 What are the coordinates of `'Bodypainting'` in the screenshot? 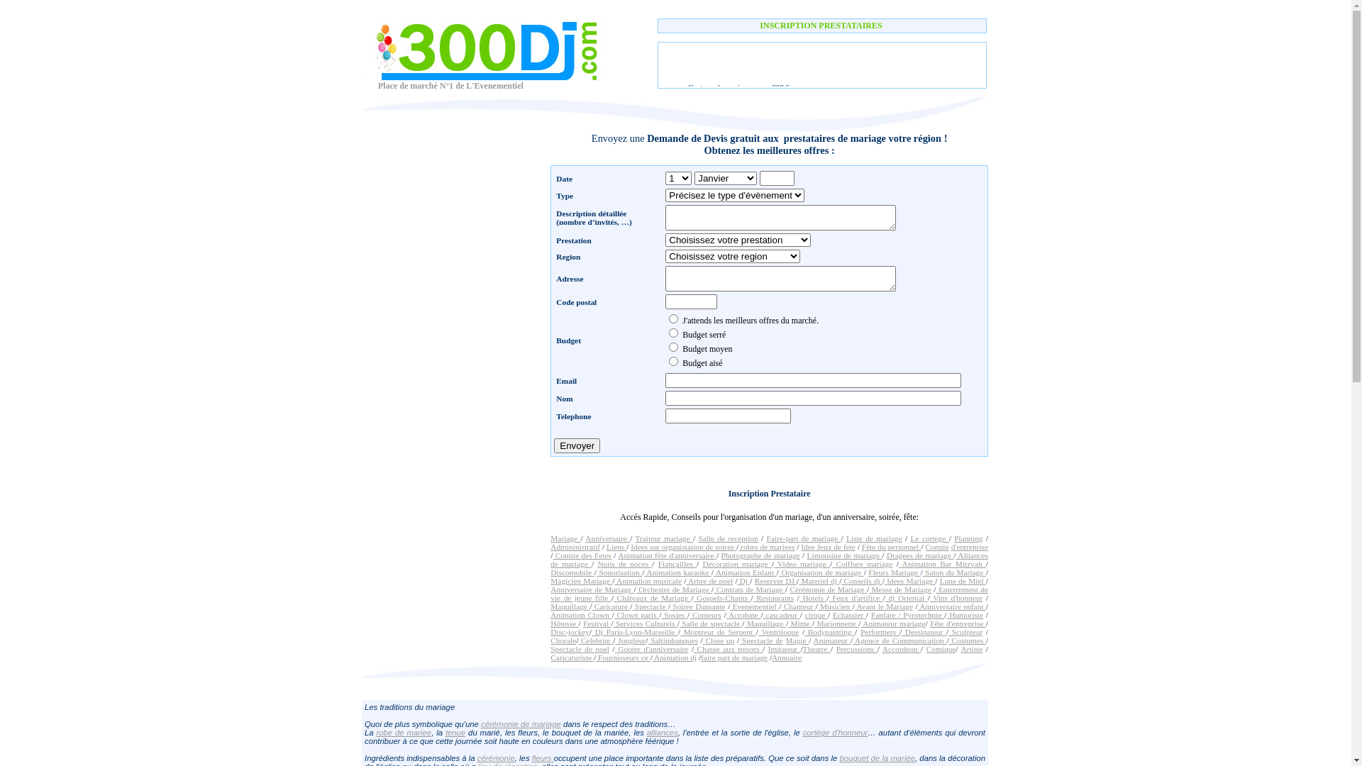 It's located at (804, 631).